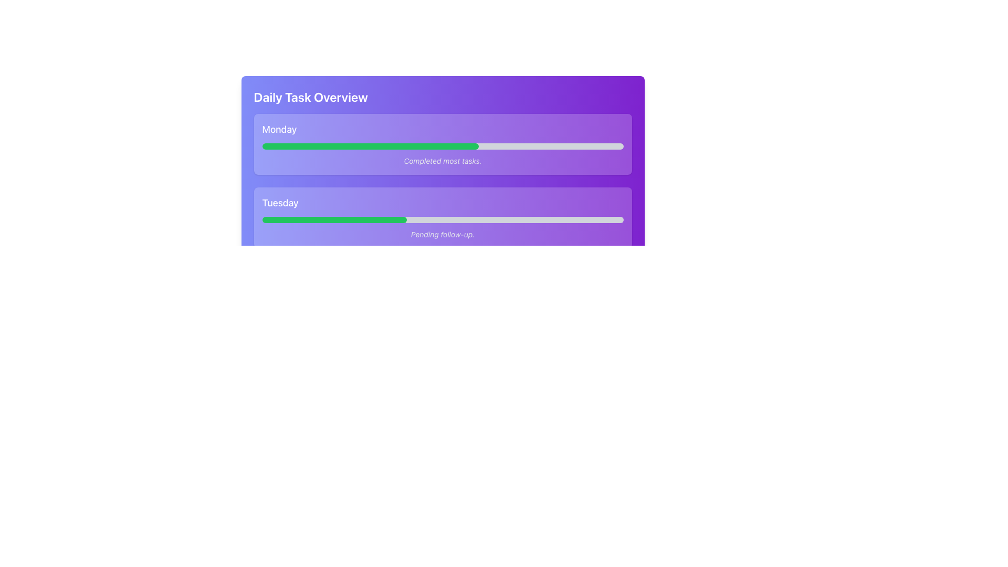  What do you see at coordinates (443, 161) in the screenshot?
I see `the static text that reads 'Completed most tasks' styled in italic light gray, located below the progress bar in the 'Monday' task block` at bounding box center [443, 161].